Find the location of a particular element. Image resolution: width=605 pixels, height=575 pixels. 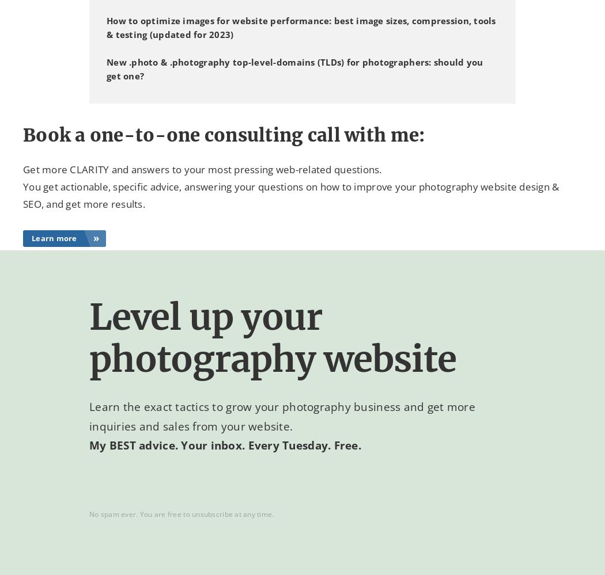

'You get actionable, specific advice, answering your questions on how to improve your photography website design & SEO, and get more results.' is located at coordinates (290, 195).